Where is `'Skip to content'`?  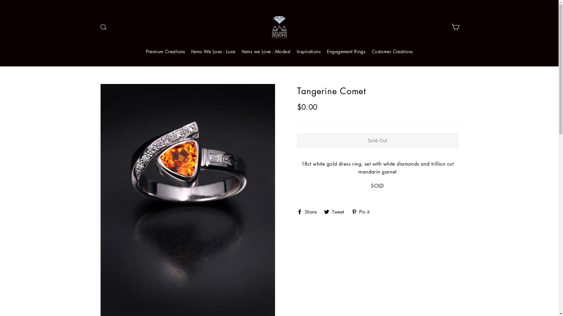 'Skip to content' is located at coordinates (0, 0).